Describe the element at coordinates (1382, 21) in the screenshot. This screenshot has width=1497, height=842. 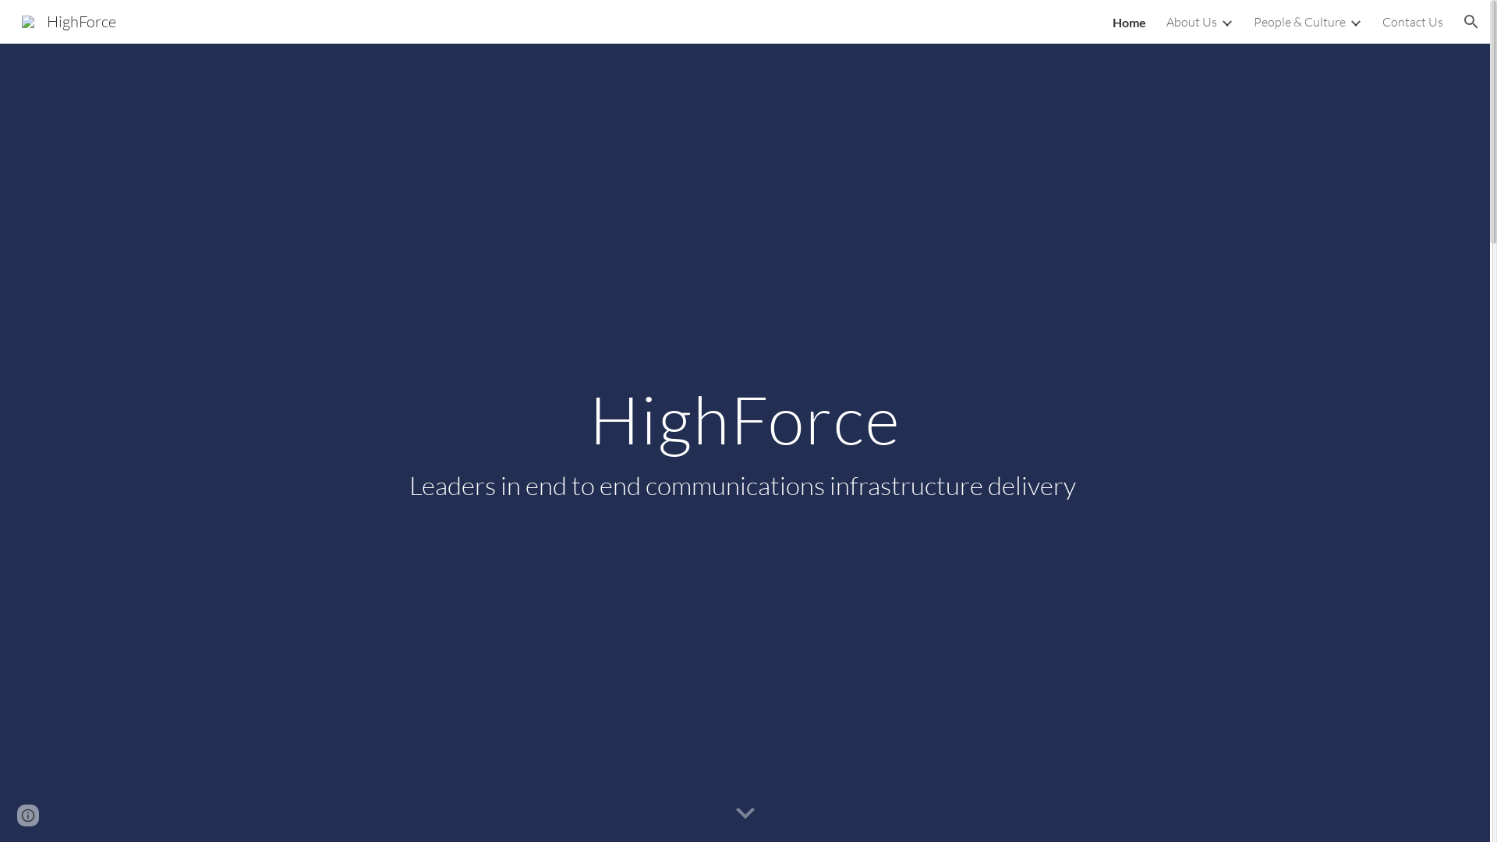
I see `'Contact Us'` at that location.